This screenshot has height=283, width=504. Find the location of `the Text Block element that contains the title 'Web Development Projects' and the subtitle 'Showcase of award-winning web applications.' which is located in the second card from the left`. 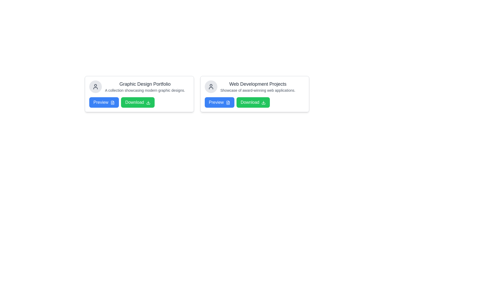

the Text Block element that contains the title 'Web Development Projects' and the subtitle 'Showcase of award-winning web applications.' which is located in the second card from the left is located at coordinates (258, 86).